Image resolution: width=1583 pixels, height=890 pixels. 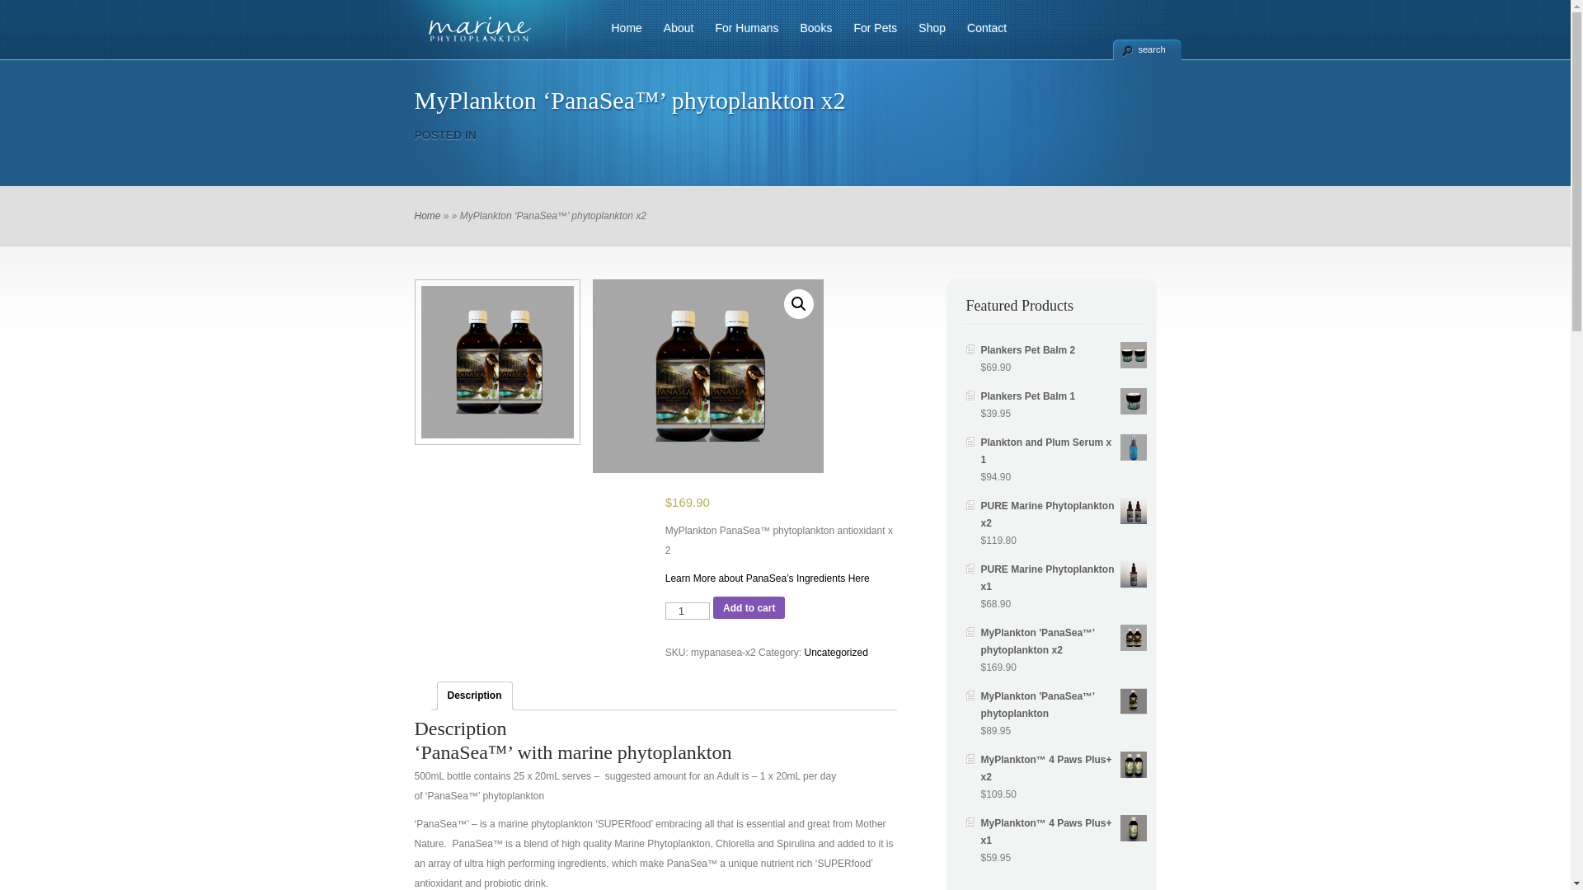 I want to click on 'Contact', so click(x=981, y=37).